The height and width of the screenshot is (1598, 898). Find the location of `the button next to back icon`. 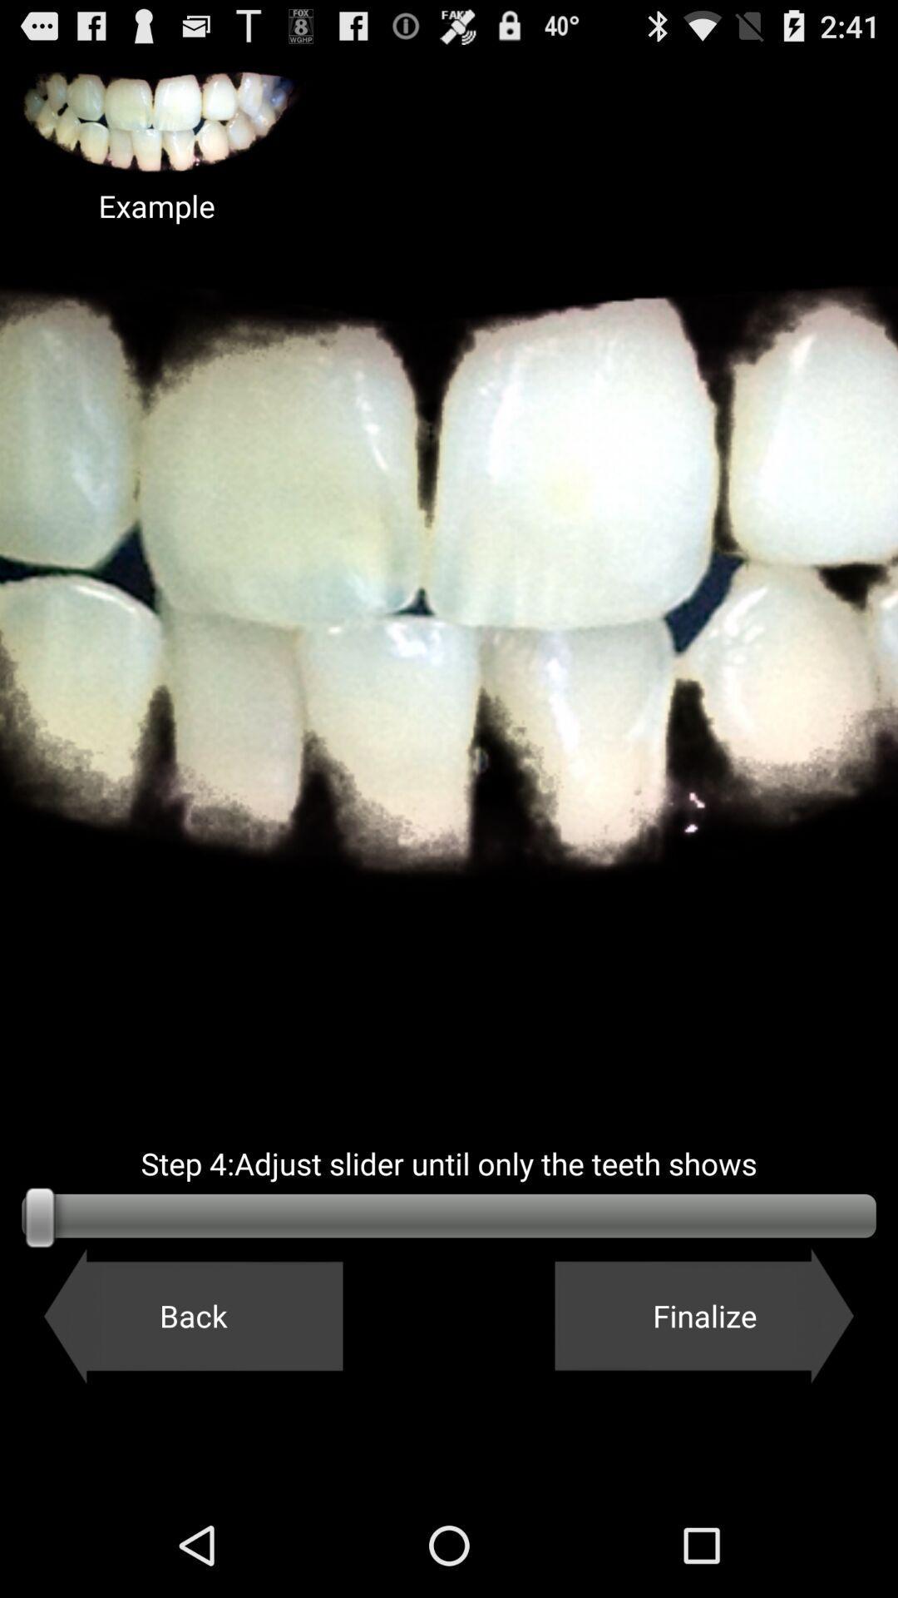

the button next to back icon is located at coordinates (704, 1315).